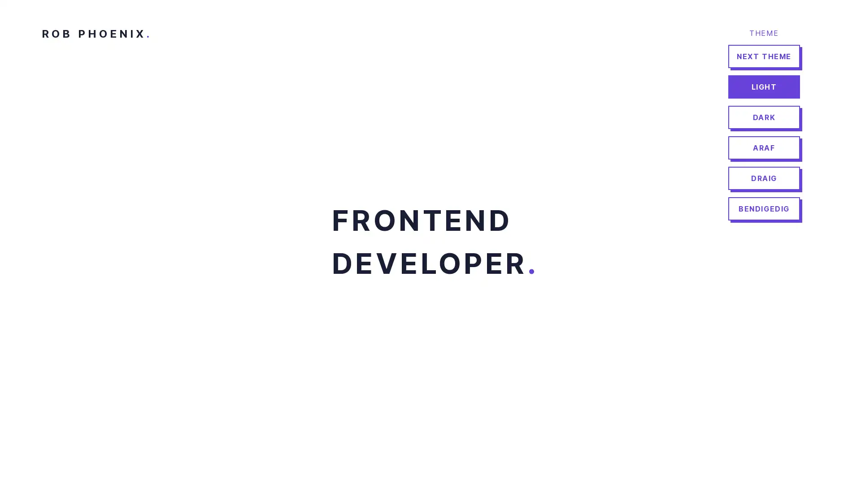 The height and width of the screenshot is (484, 861). I want to click on ARAF, so click(764, 147).